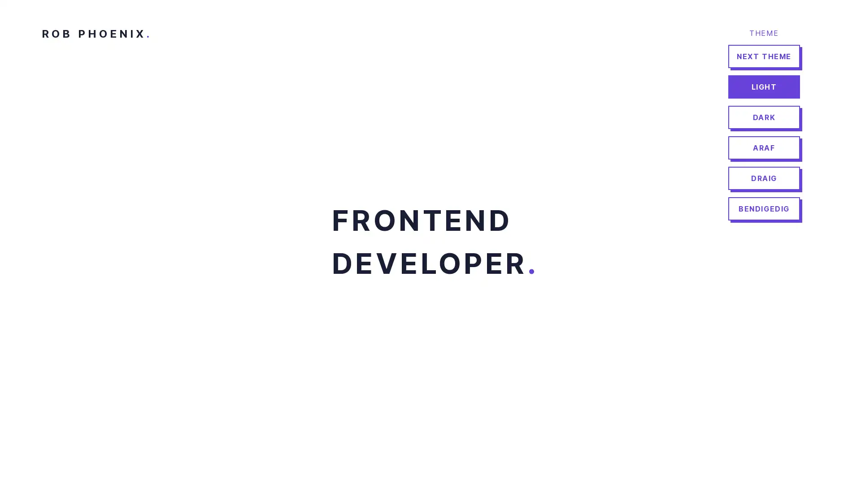 The height and width of the screenshot is (484, 861). I want to click on ARAF, so click(764, 147).